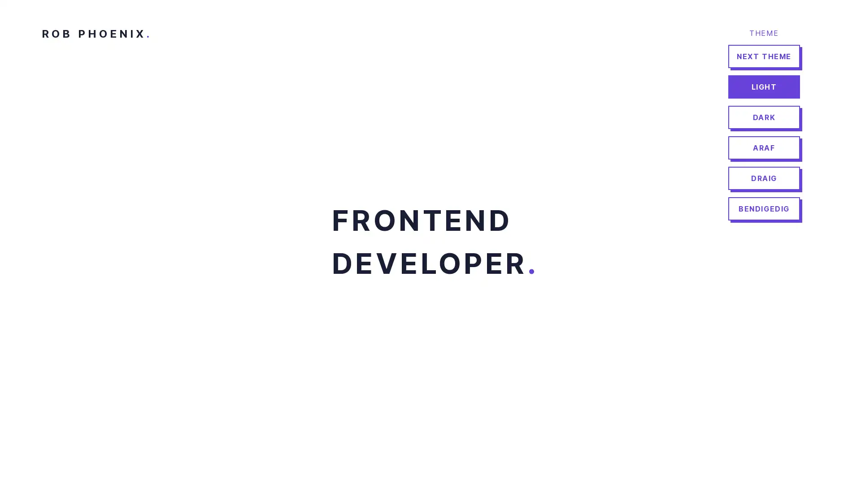 The height and width of the screenshot is (484, 861). I want to click on ARAF, so click(764, 147).